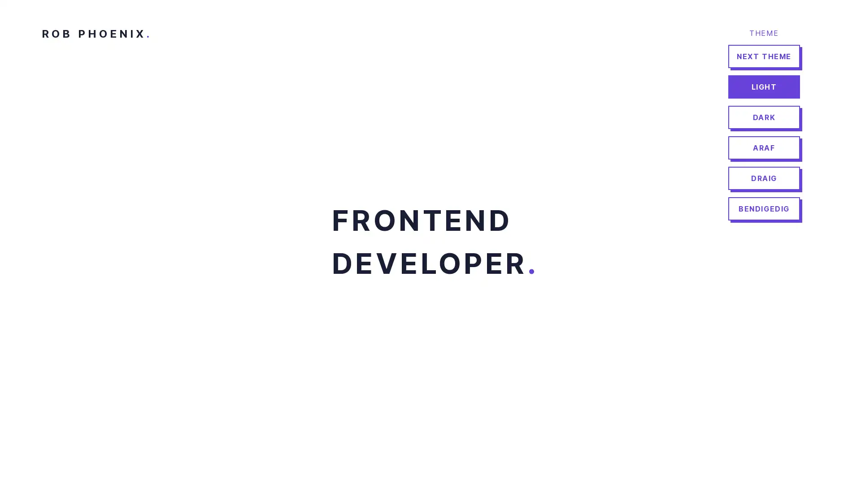 The height and width of the screenshot is (484, 861). I want to click on ARAF, so click(764, 147).